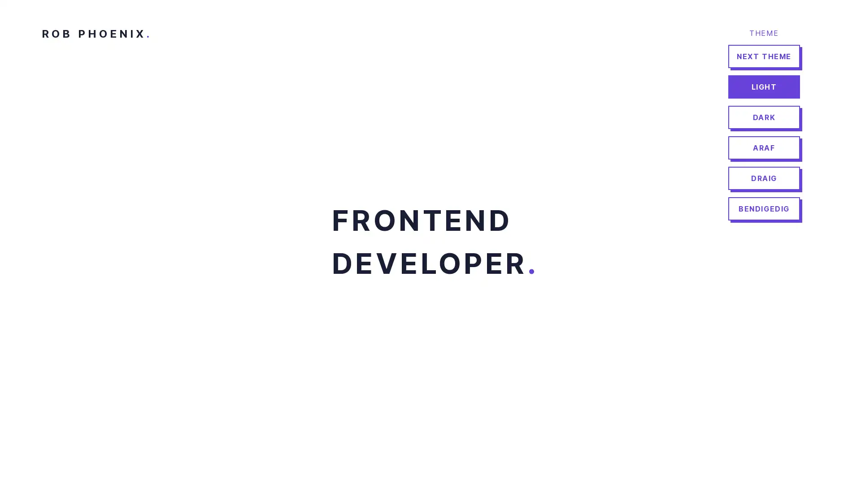 The height and width of the screenshot is (484, 861). I want to click on ARAF, so click(764, 147).